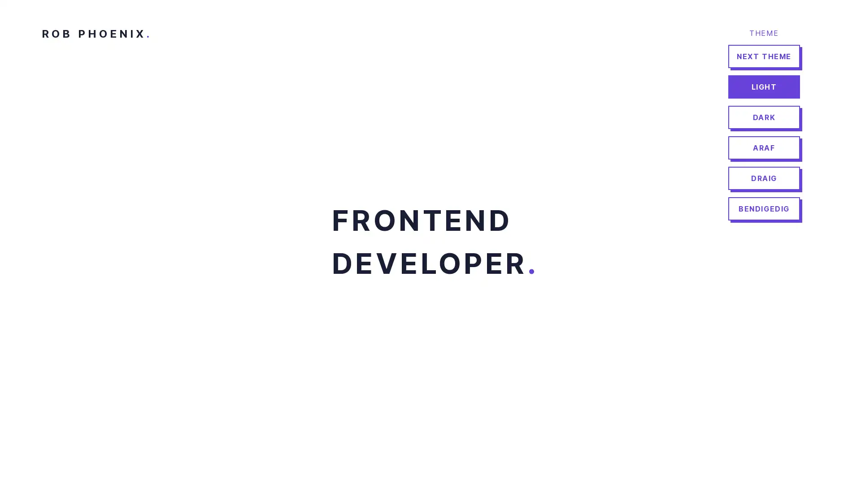 The height and width of the screenshot is (484, 861). I want to click on ARAF, so click(764, 147).